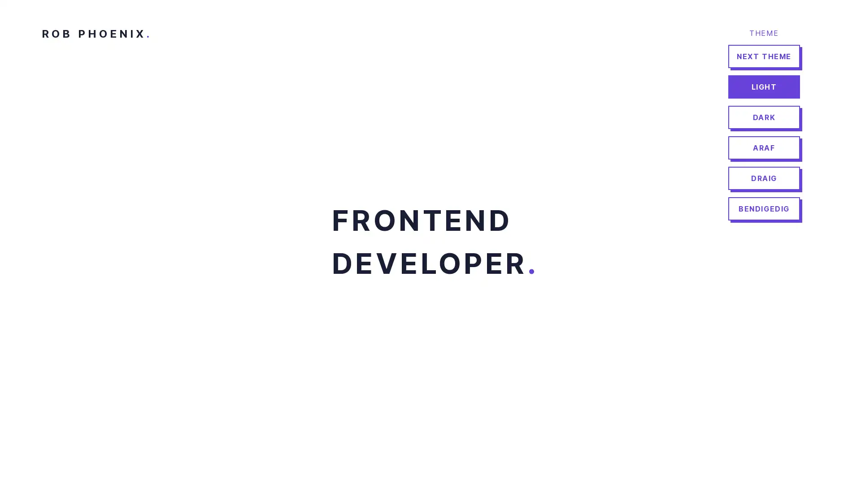 The height and width of the screenshot is (484, 861). I want to click on ARAF, so click(764, 147).